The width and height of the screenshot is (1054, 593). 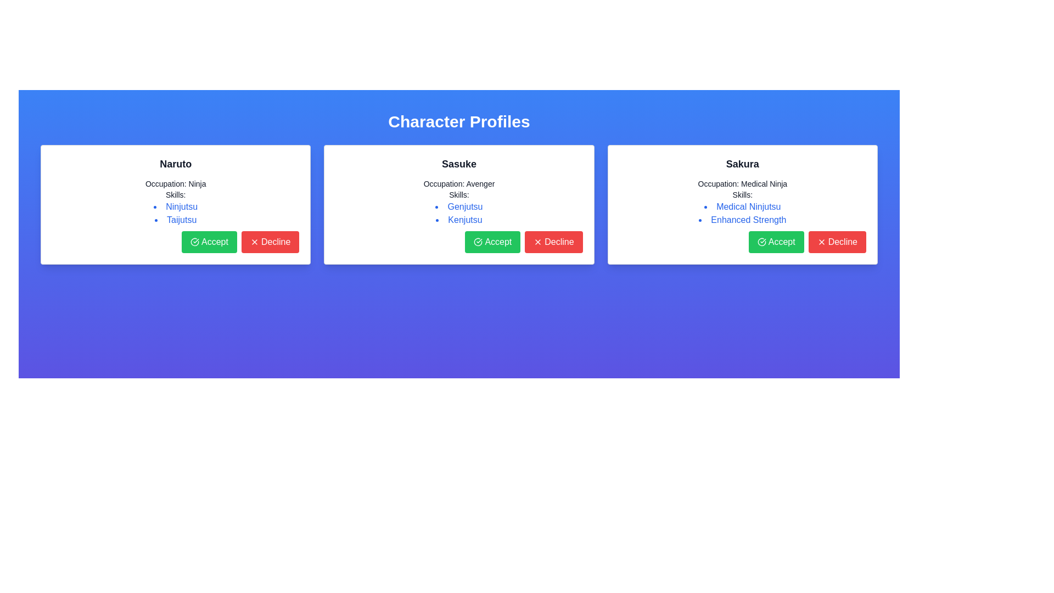 What do you see at coordinates (742, 241) in the screenshot?
I see `the 'Accept' button located in the bottom-right of the 'Sakura' card to confirm the action` at bounding box center [742, 241].